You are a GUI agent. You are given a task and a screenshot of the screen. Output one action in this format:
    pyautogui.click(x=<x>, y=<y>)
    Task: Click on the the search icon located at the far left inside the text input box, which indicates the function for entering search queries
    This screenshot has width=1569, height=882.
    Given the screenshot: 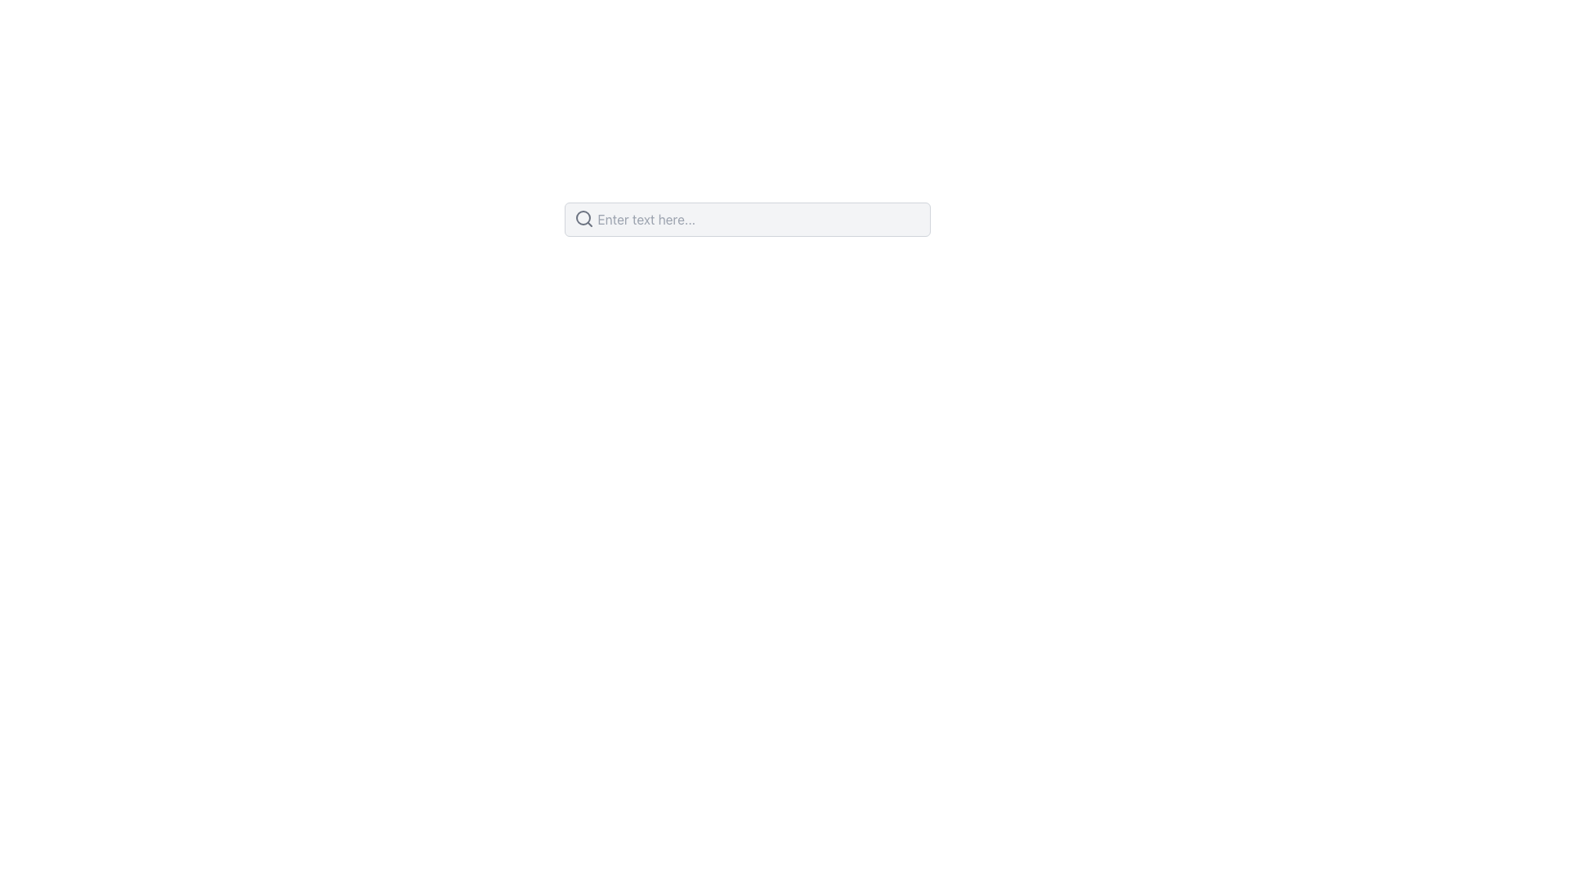 What is the action you would take?
    pyautogui.click(x=583, y=217)
    